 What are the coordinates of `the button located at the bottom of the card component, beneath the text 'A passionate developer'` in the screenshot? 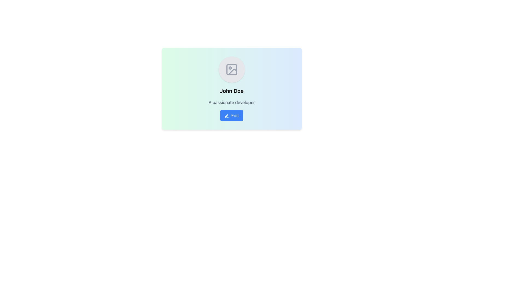 It's located at (232, 115).